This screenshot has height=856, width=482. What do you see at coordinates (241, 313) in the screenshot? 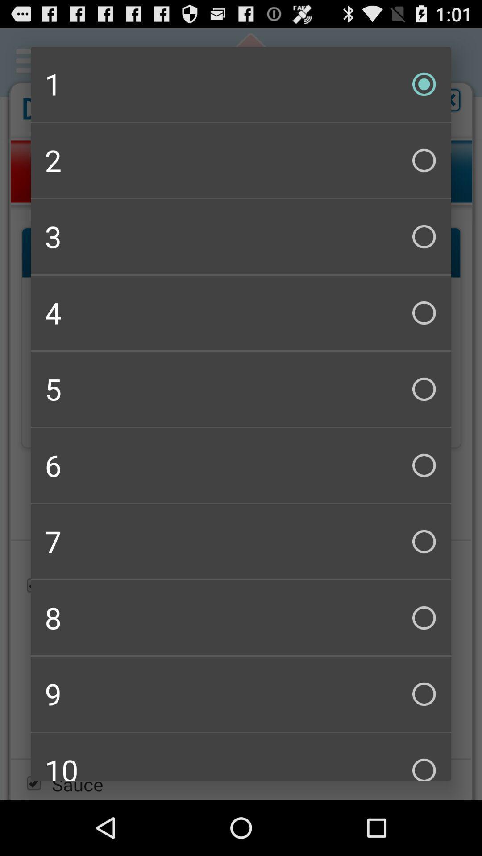
I see `the icon above the 5 icon` at bounding box center [241, 313].